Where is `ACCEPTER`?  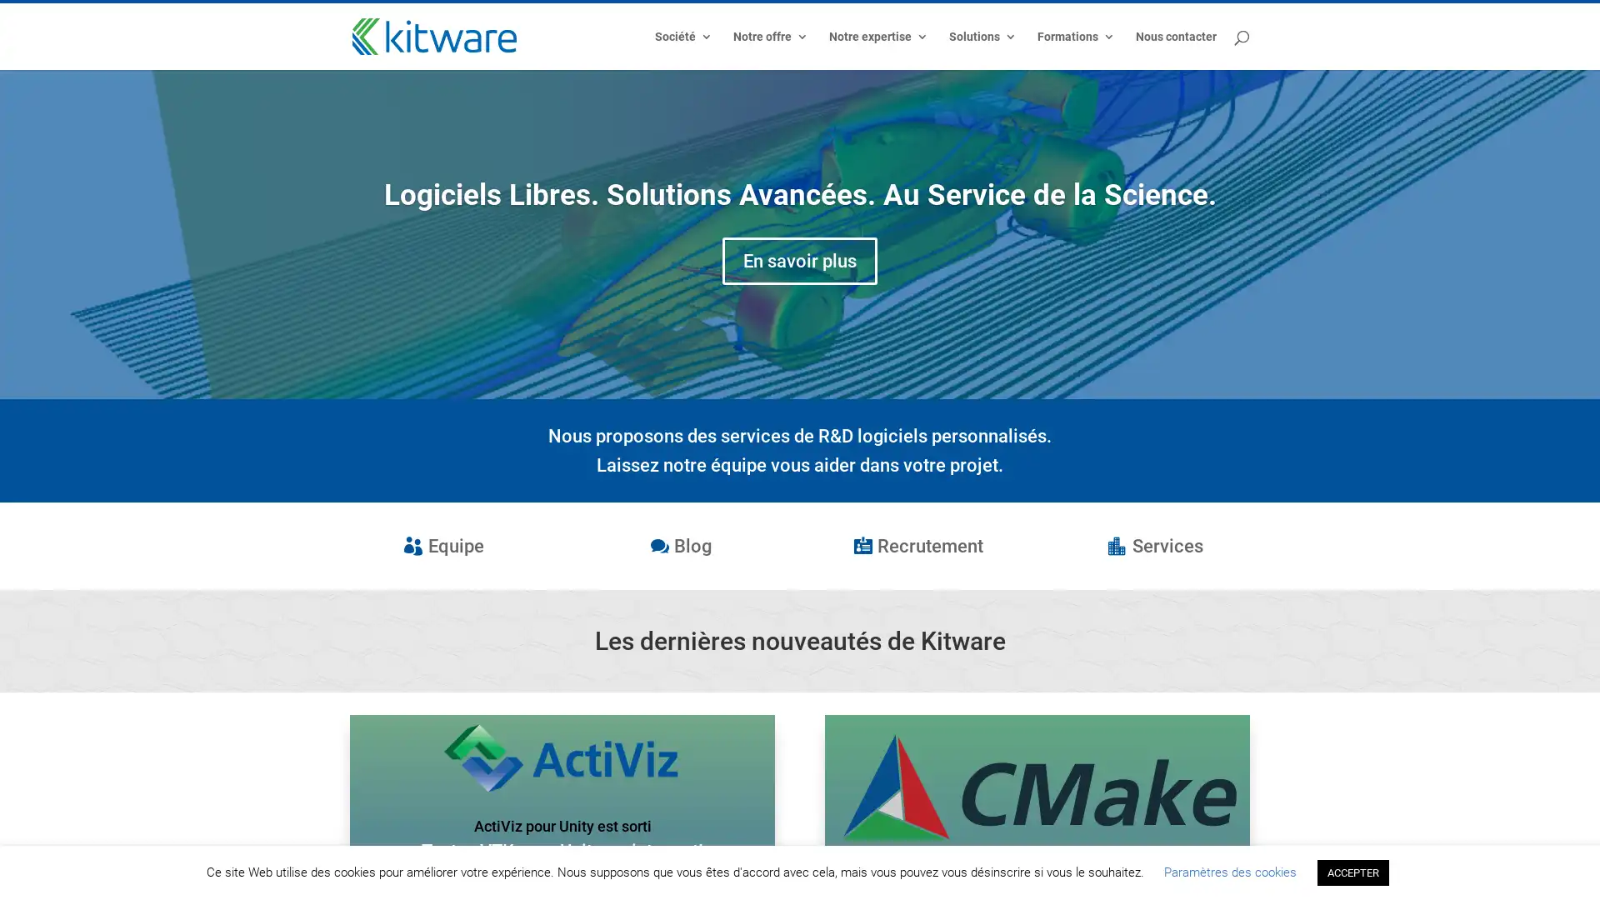
ACCEPTER is located at coordinates (1352, 872).